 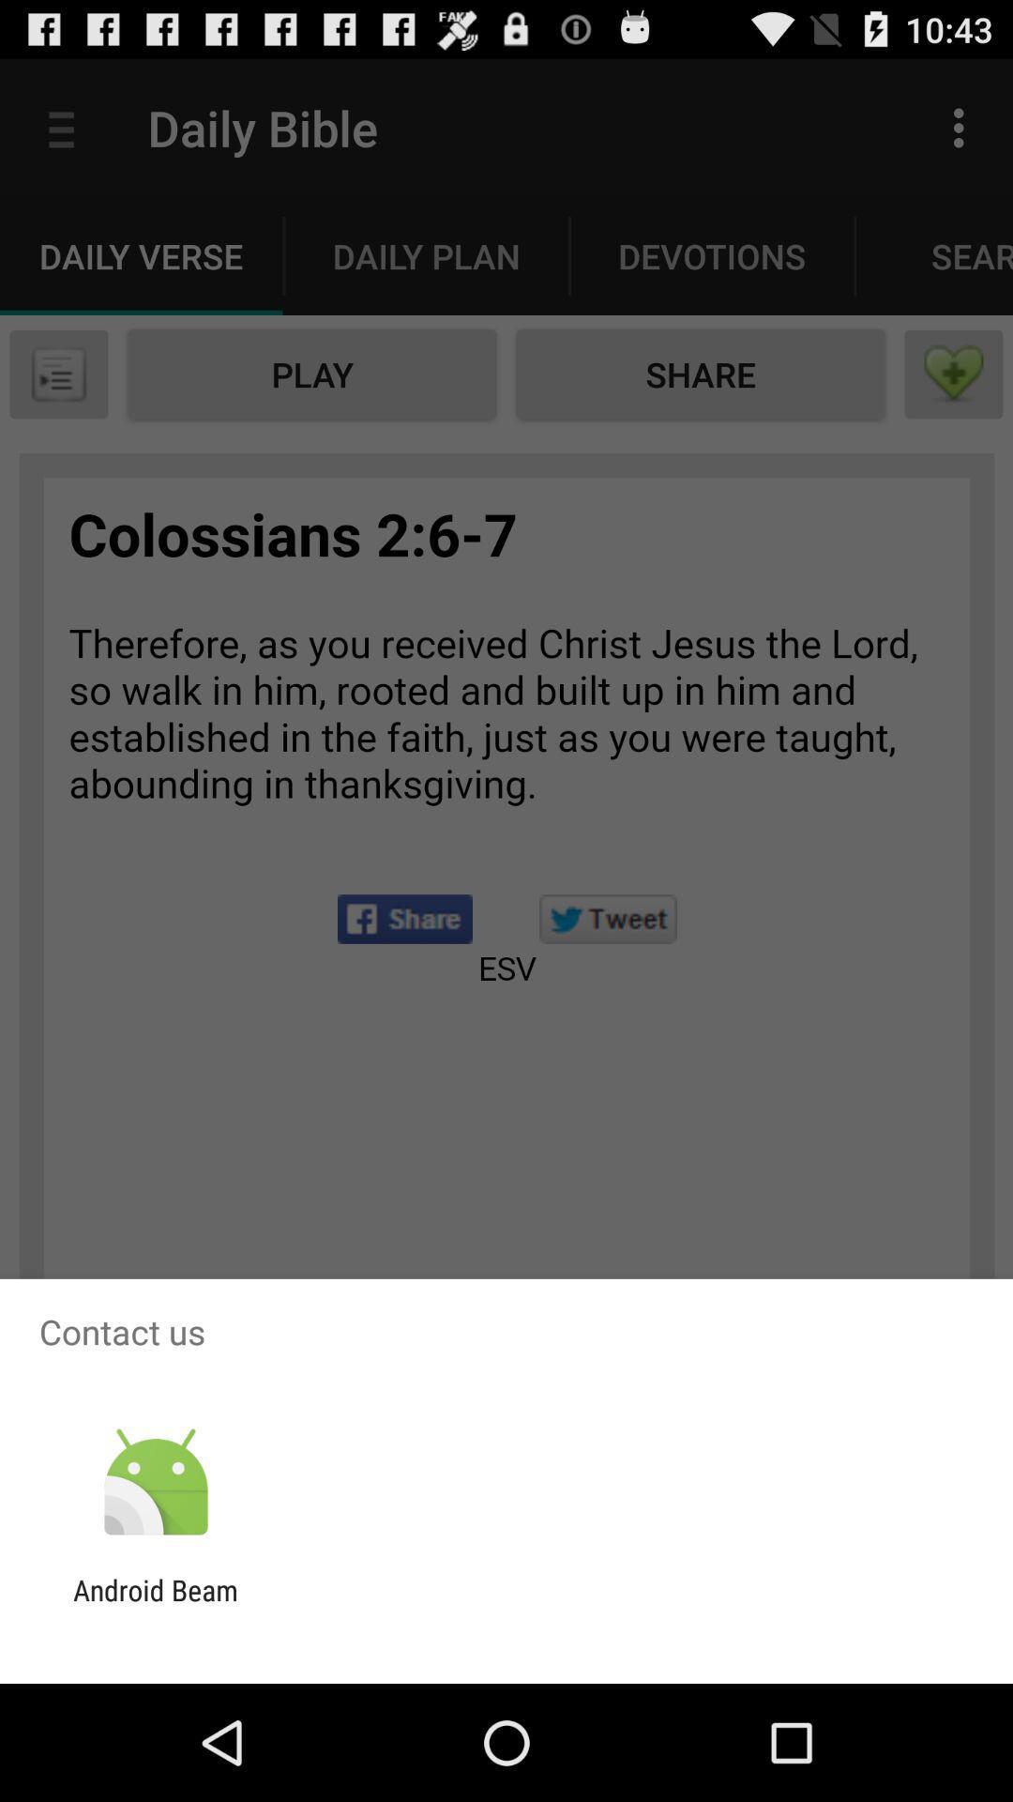 I want to click on the android beam app, so click(x=155, y=1606).